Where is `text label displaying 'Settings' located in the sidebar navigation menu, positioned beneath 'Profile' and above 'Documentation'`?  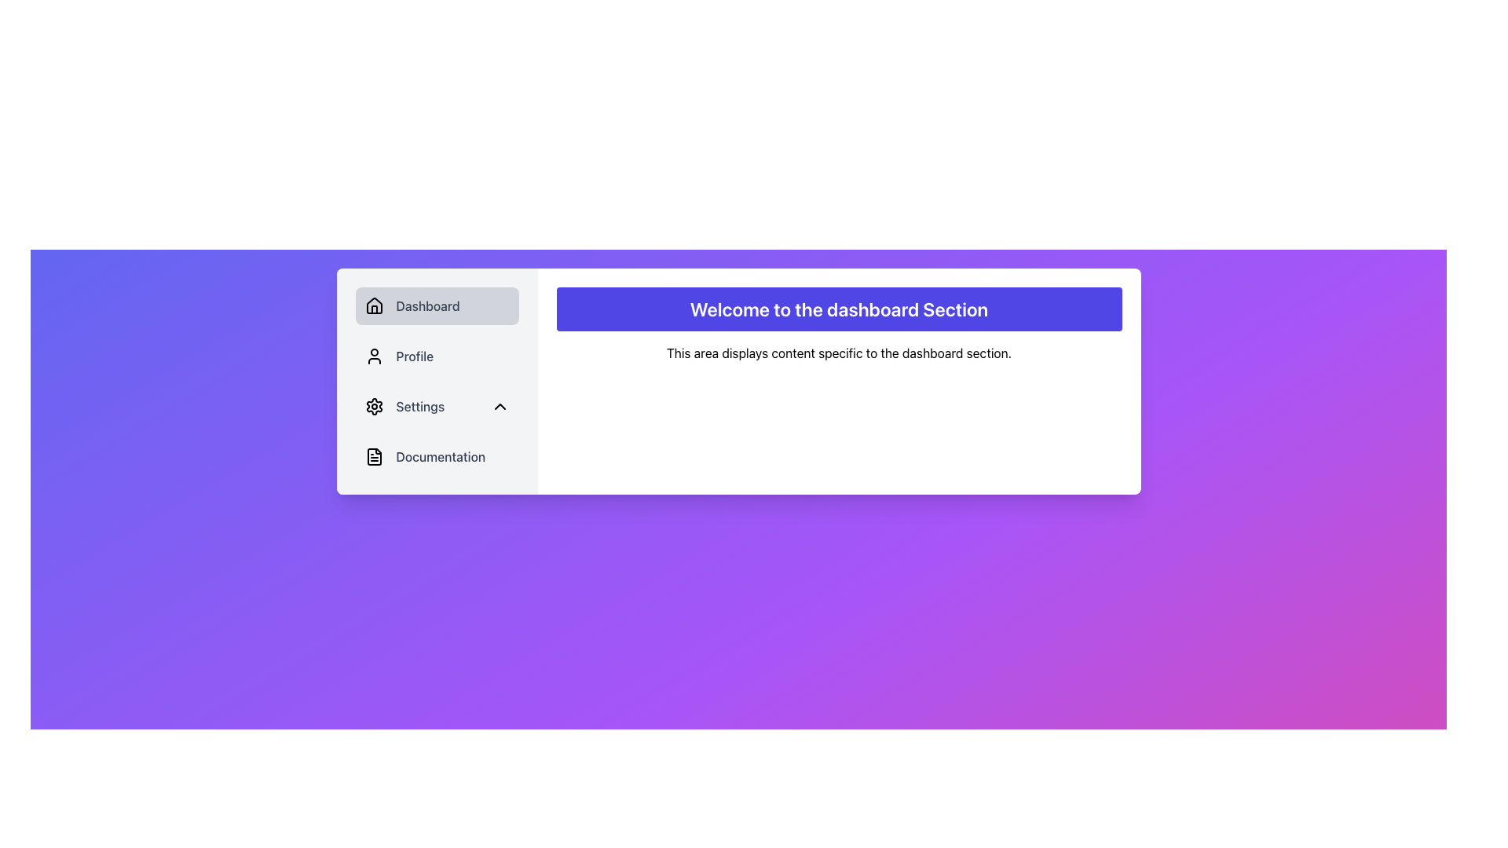
text label displaying 'Settings' located in the sidebar navigation menu, positioned beneath 'Profile' and above 'Documentation' is located at coordinates (420, 405).